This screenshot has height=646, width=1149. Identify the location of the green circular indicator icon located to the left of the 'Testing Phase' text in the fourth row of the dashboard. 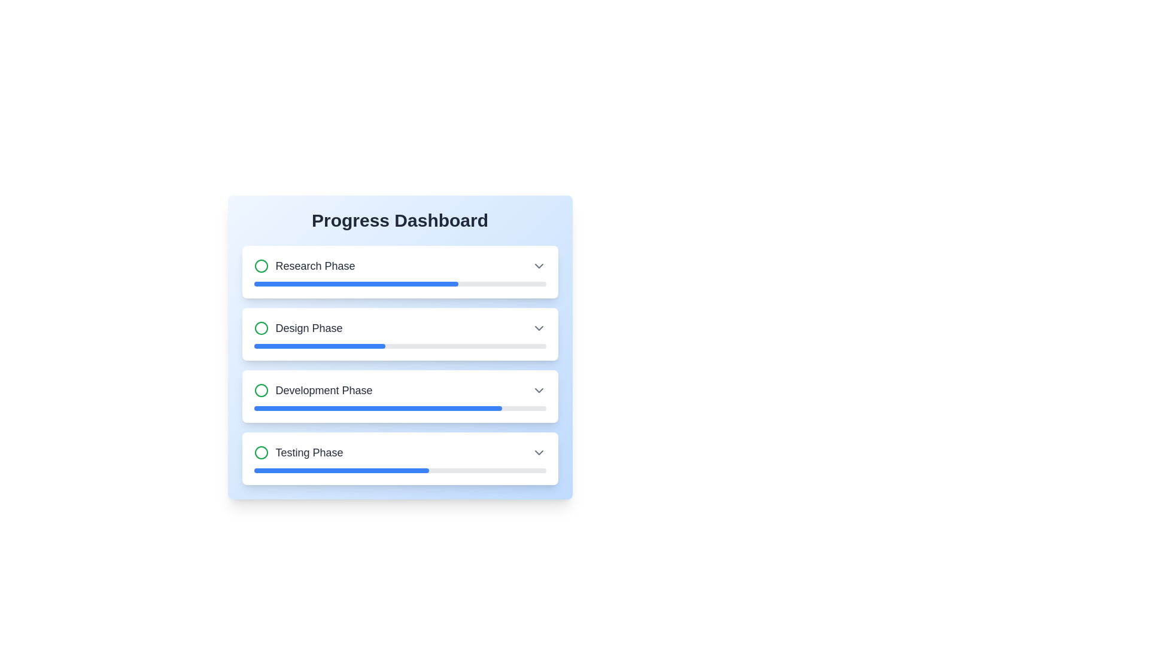
(260, 452).